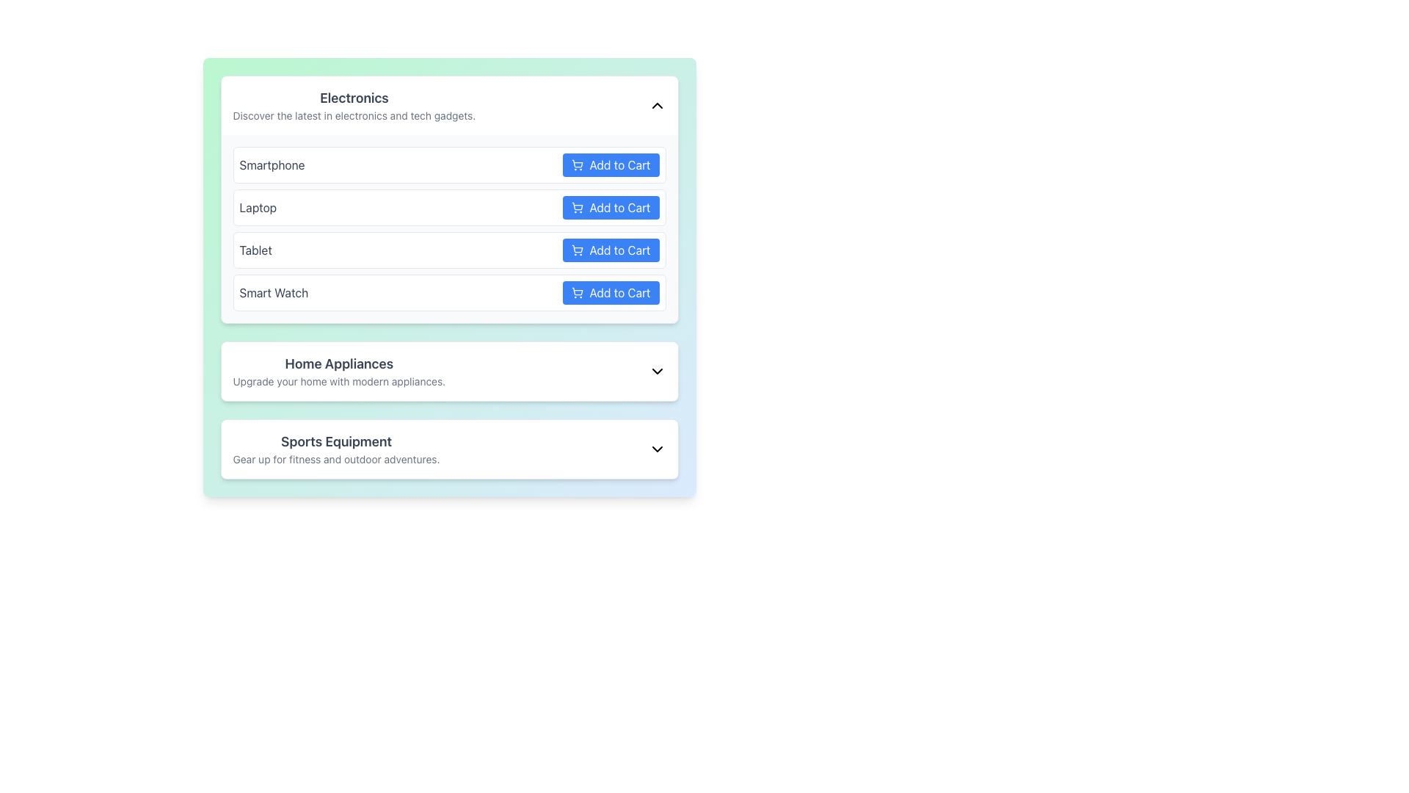 The height and width of the screenshot is (793, 1409). What do you see at coordinates (448, 104) in the screenshot?
I see `the 'Electronics' category header` at bounding box center [448, 104].